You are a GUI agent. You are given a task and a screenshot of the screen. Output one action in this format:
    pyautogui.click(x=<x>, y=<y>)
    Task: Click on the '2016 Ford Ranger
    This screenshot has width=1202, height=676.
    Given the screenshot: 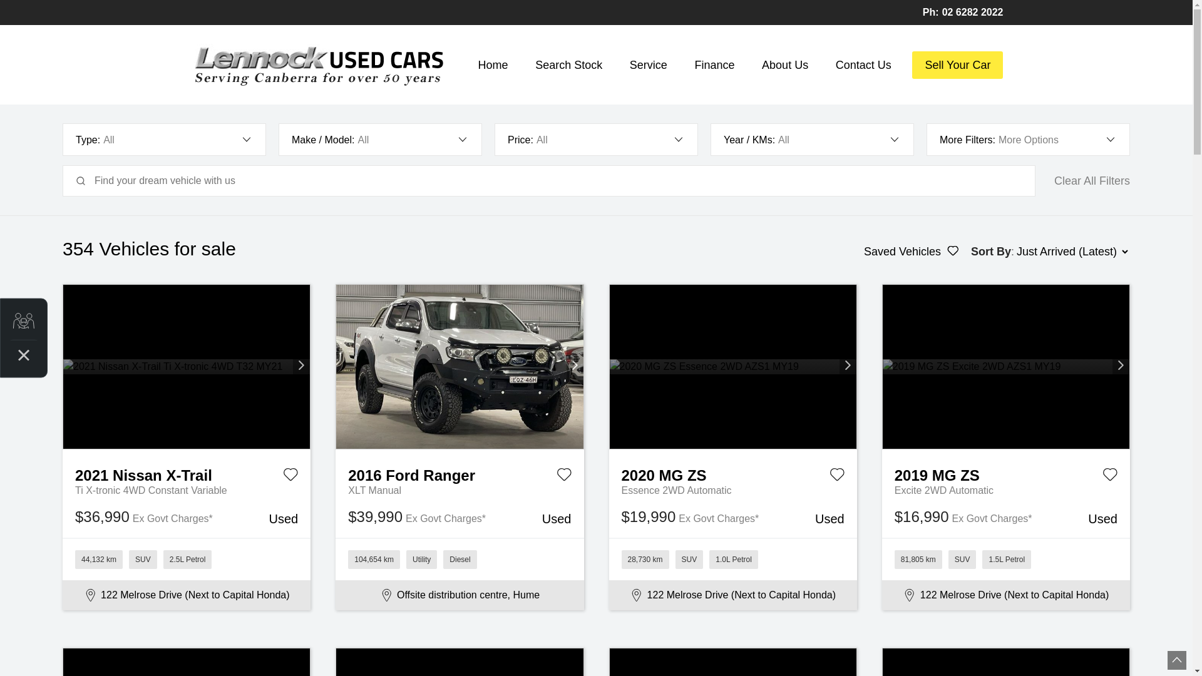 What is the action you would take?
    pyautogui.click(x=459, y=473)
    